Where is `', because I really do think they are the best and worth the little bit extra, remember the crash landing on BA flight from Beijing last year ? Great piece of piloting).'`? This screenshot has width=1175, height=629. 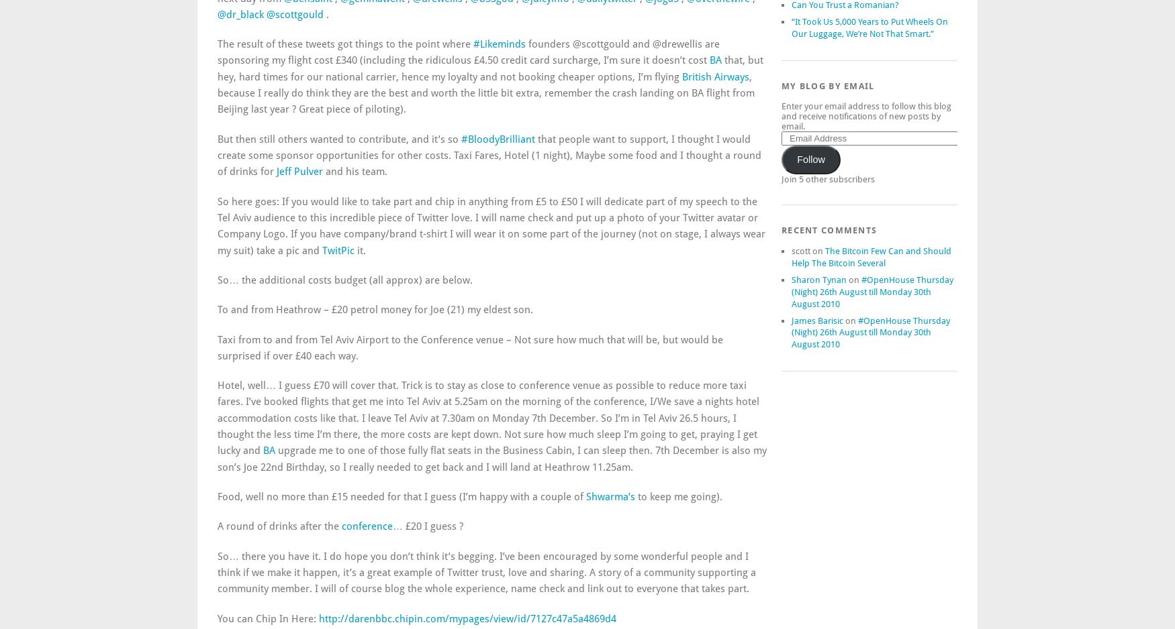 ', because I really do think they are the best and worth the little bit extra, remember the crash landing on BA flight from Beijing last year ? Great piece of piloting).' is located at coordinates (485, 93).